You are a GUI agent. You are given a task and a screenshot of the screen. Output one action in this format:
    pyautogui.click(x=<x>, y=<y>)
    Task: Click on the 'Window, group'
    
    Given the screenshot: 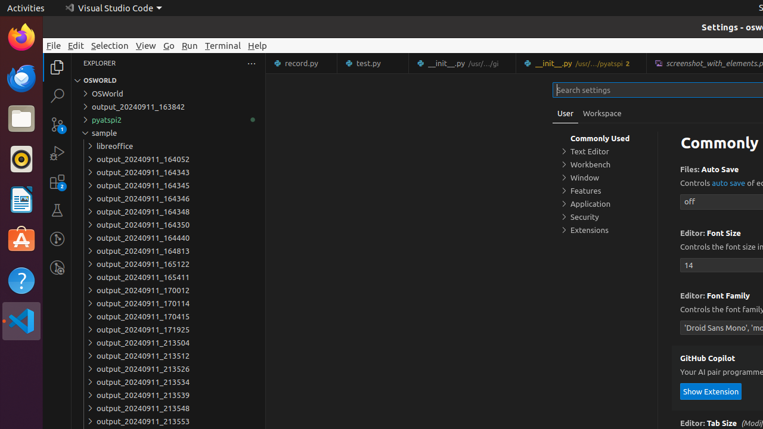 What is the action you would take?
    pyautogui.click(x=605, y=178)
    